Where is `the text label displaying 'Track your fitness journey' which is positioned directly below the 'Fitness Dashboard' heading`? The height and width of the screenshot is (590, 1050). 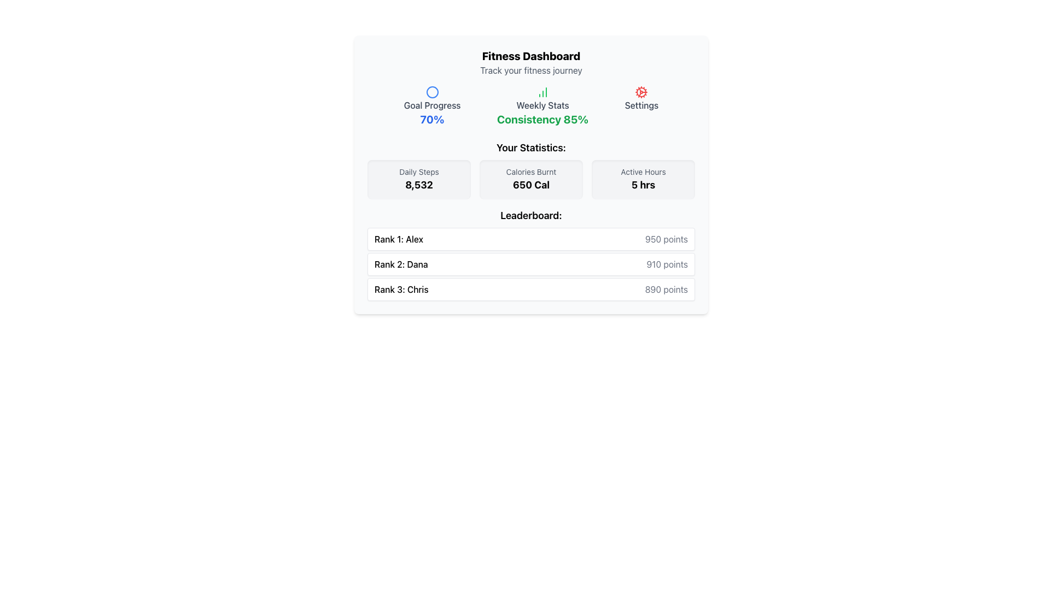 the text label displaying 'Track your fitness journey' which is positioned directly below the 'Fitness Dashboard' heading is located at coordinates (531, 70).